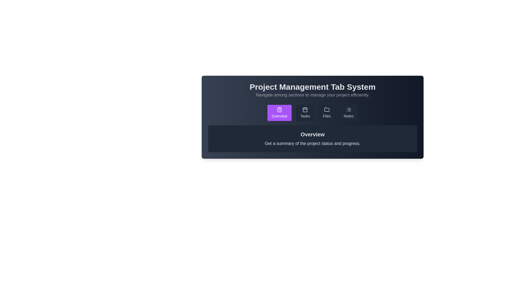 The image size is (517, 291). Describe the element at coordinates (348, 113) in the screenshot. I see `the Notes tab by clicking on its button` at that location.